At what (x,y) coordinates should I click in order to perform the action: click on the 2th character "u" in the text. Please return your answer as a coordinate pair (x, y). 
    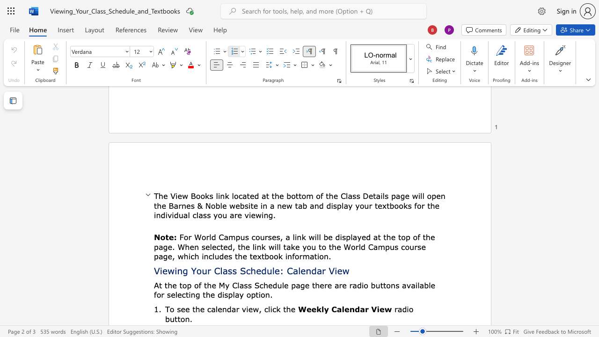
    Looking at the image, I should click on (181, 215).